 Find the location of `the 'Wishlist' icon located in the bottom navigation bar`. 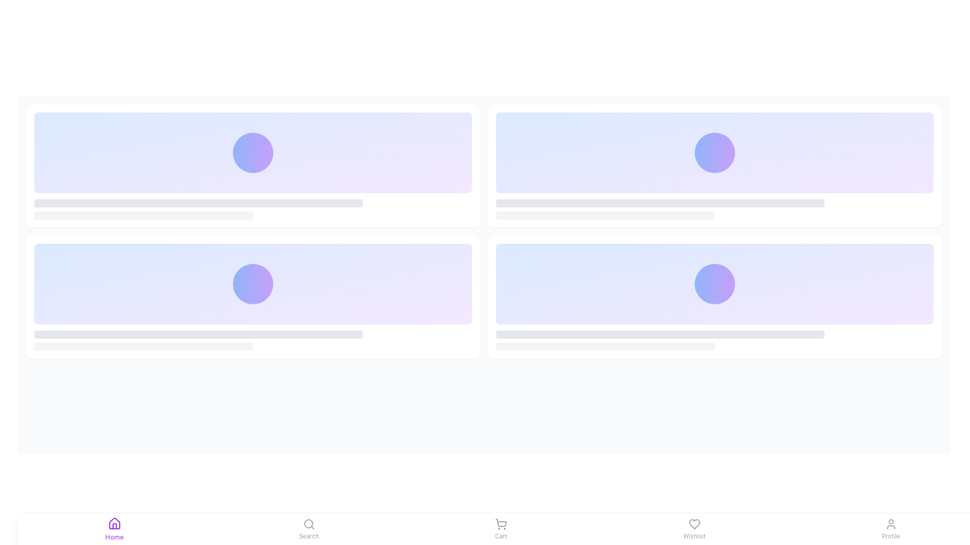

the 'Wishlist' icon located in the bottom navigation bar is located at coordinates (694, 523).